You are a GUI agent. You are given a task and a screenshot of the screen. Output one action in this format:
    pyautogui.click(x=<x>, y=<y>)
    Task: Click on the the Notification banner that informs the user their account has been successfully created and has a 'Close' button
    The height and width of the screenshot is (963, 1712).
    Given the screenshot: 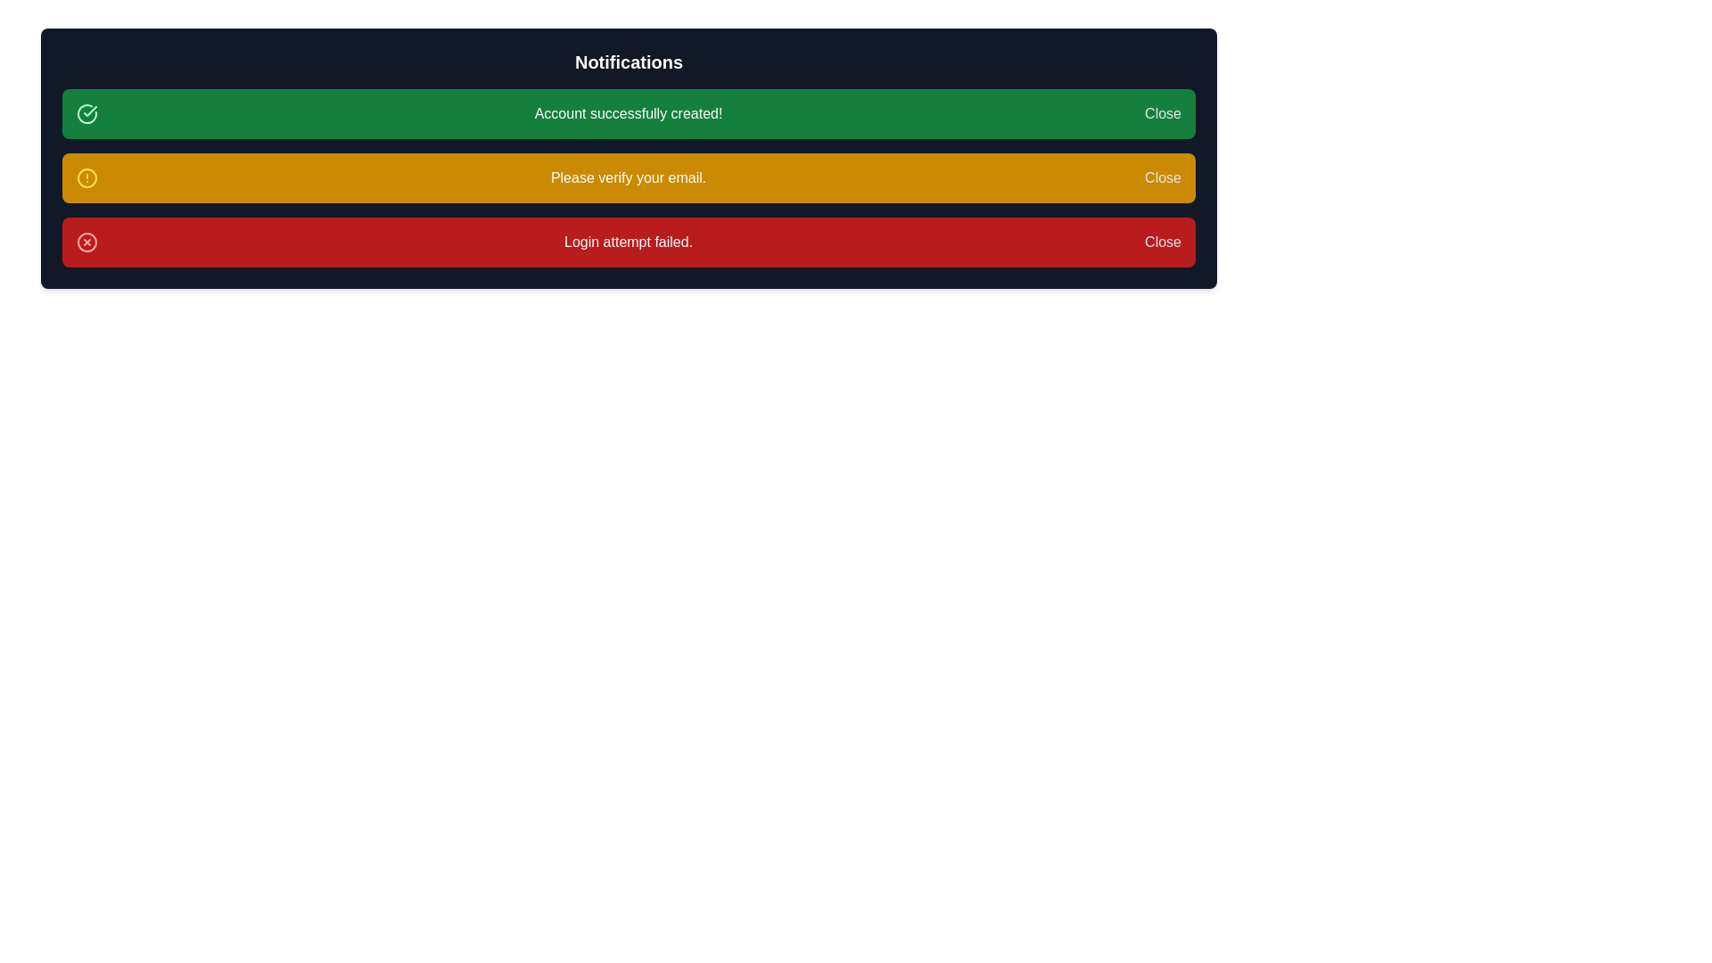 What is the action you would take?
    pyautogui.click(x=629, y=113)
    